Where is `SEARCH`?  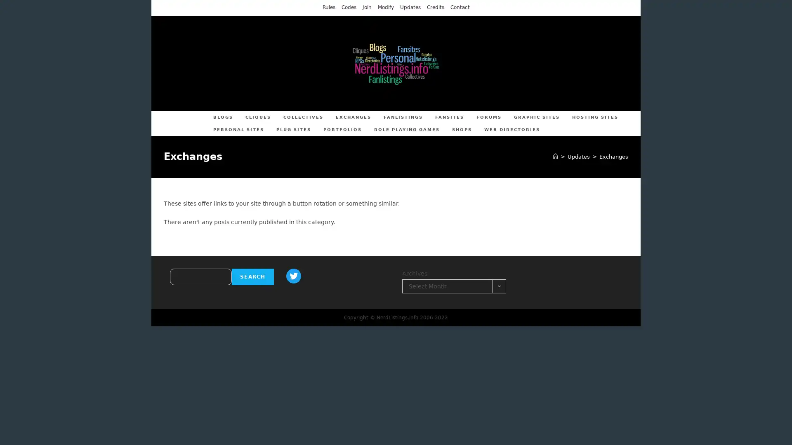
SEARCH is located at coordinates (252, 276).